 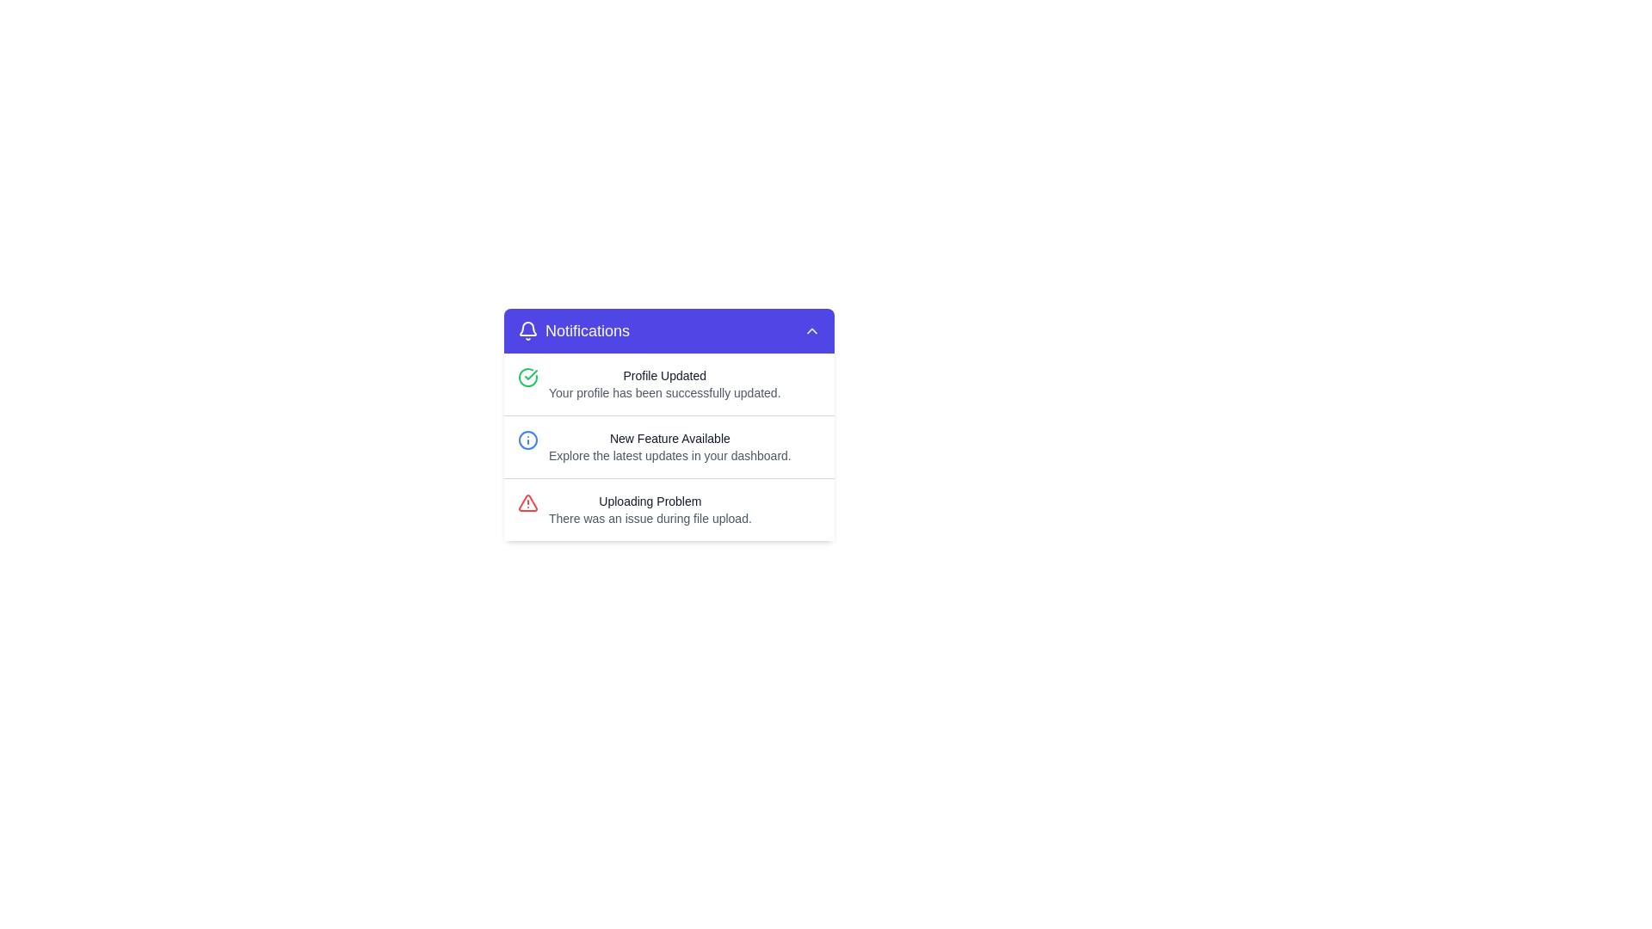 What do you see at coordinates (574, 331) in the screenshot?
I see `the title label with an icon in the top bar of the notification panel, which indicates the purpose of the panel as displaying notifications` at bounding box center [574, 331].